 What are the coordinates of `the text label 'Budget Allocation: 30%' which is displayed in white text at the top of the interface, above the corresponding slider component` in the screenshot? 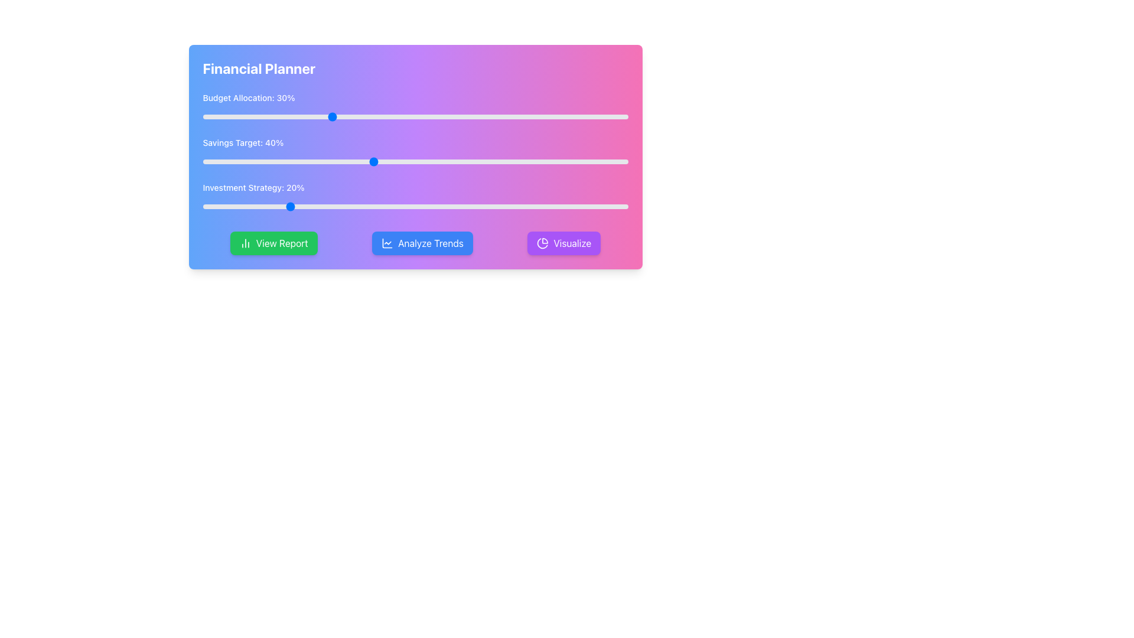 It's located at (415, 97).